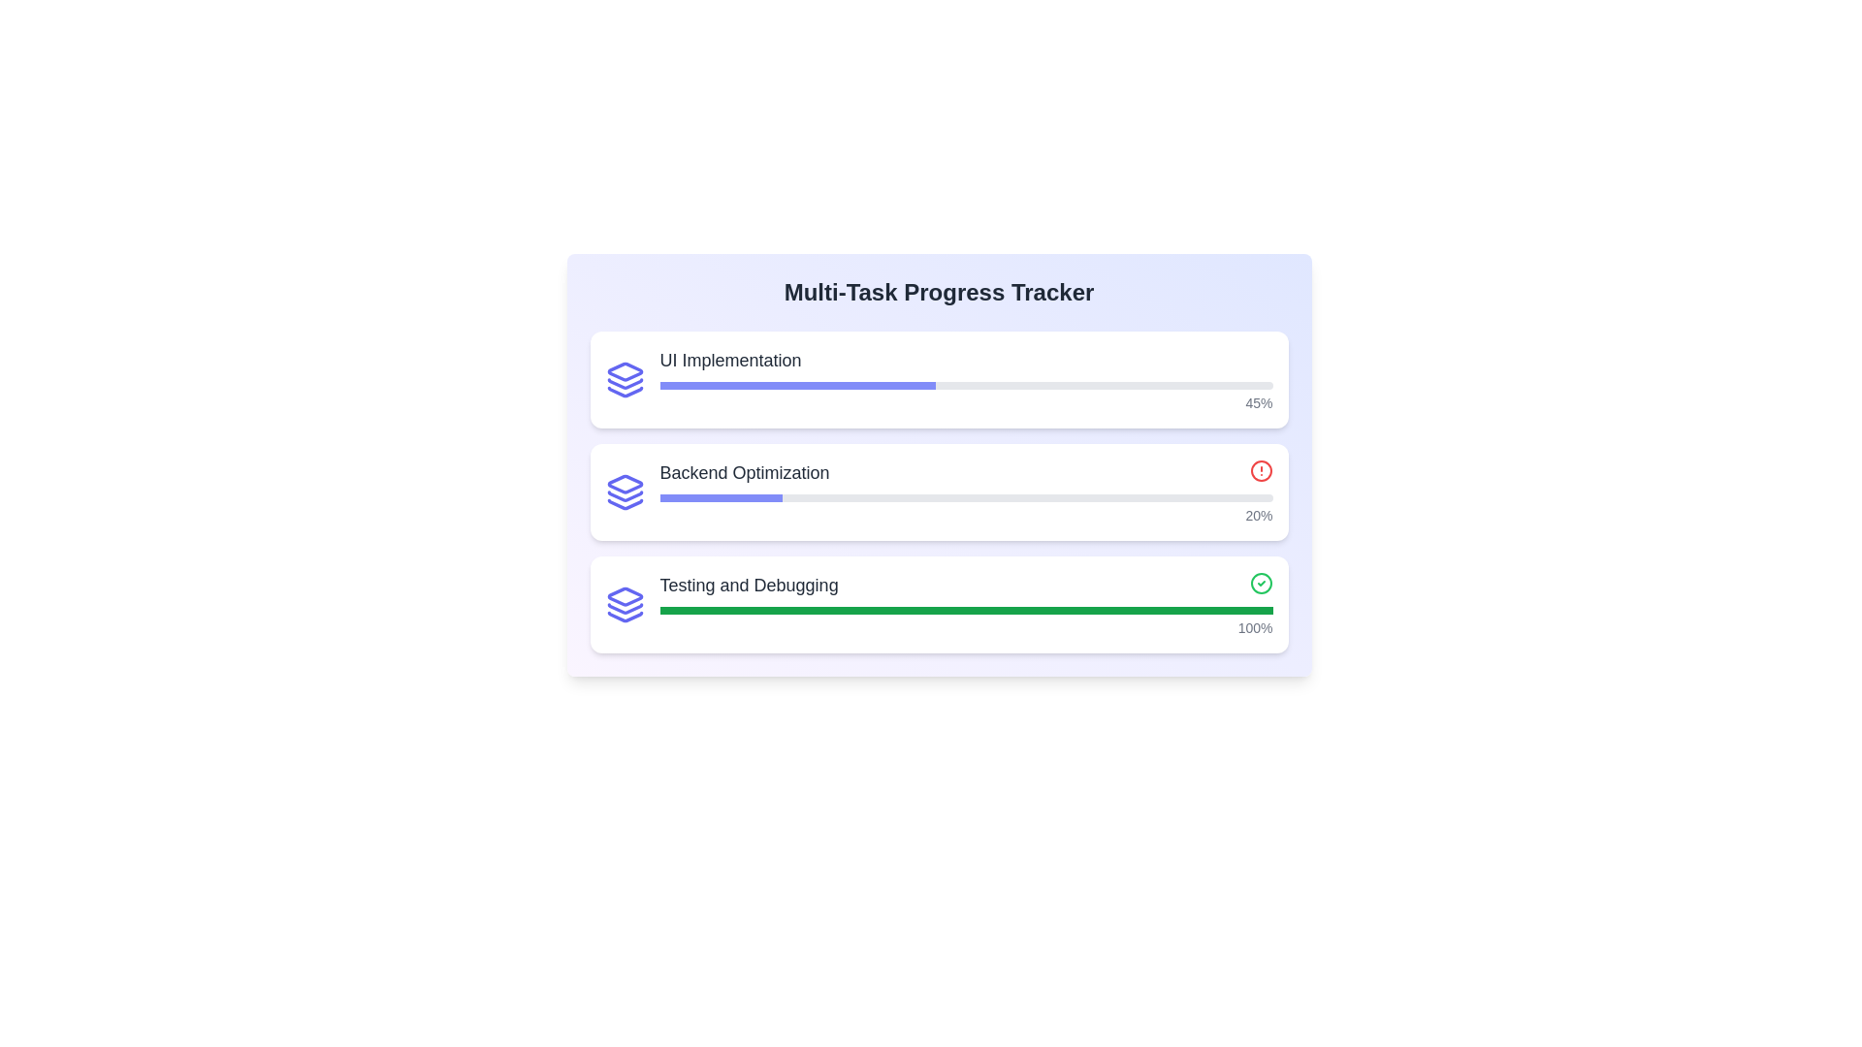 This screenshot has height=1047, width=1862. Describe the element at coordinates (625, 608) in the screenshot. I see `the second layer decorative icon located to the left of the 'Testing and Debugging' section` at that location.